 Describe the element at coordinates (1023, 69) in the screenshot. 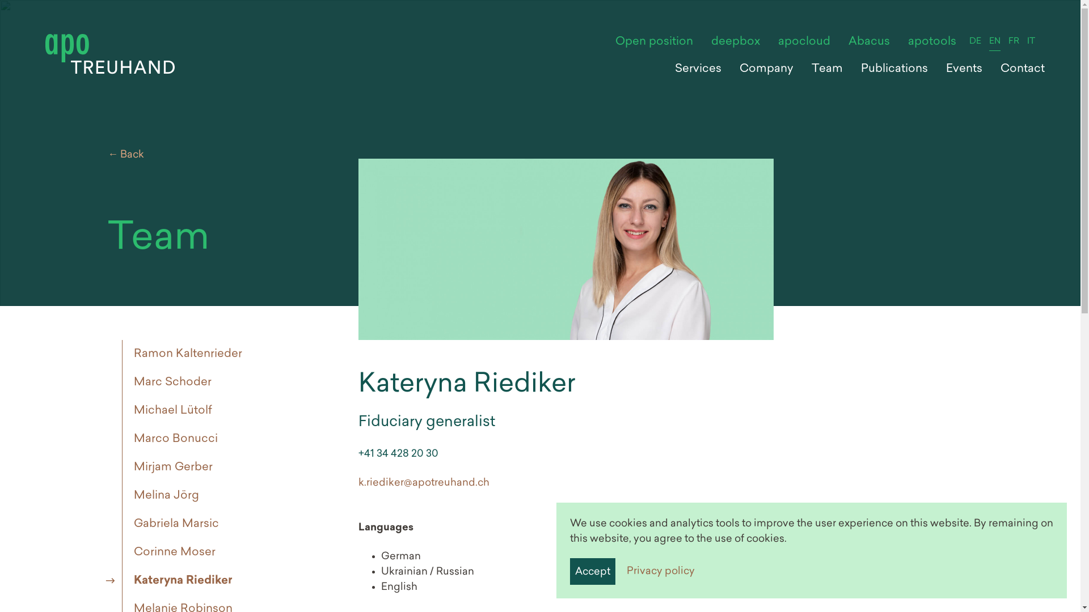

I see `'Contact'` at that location.